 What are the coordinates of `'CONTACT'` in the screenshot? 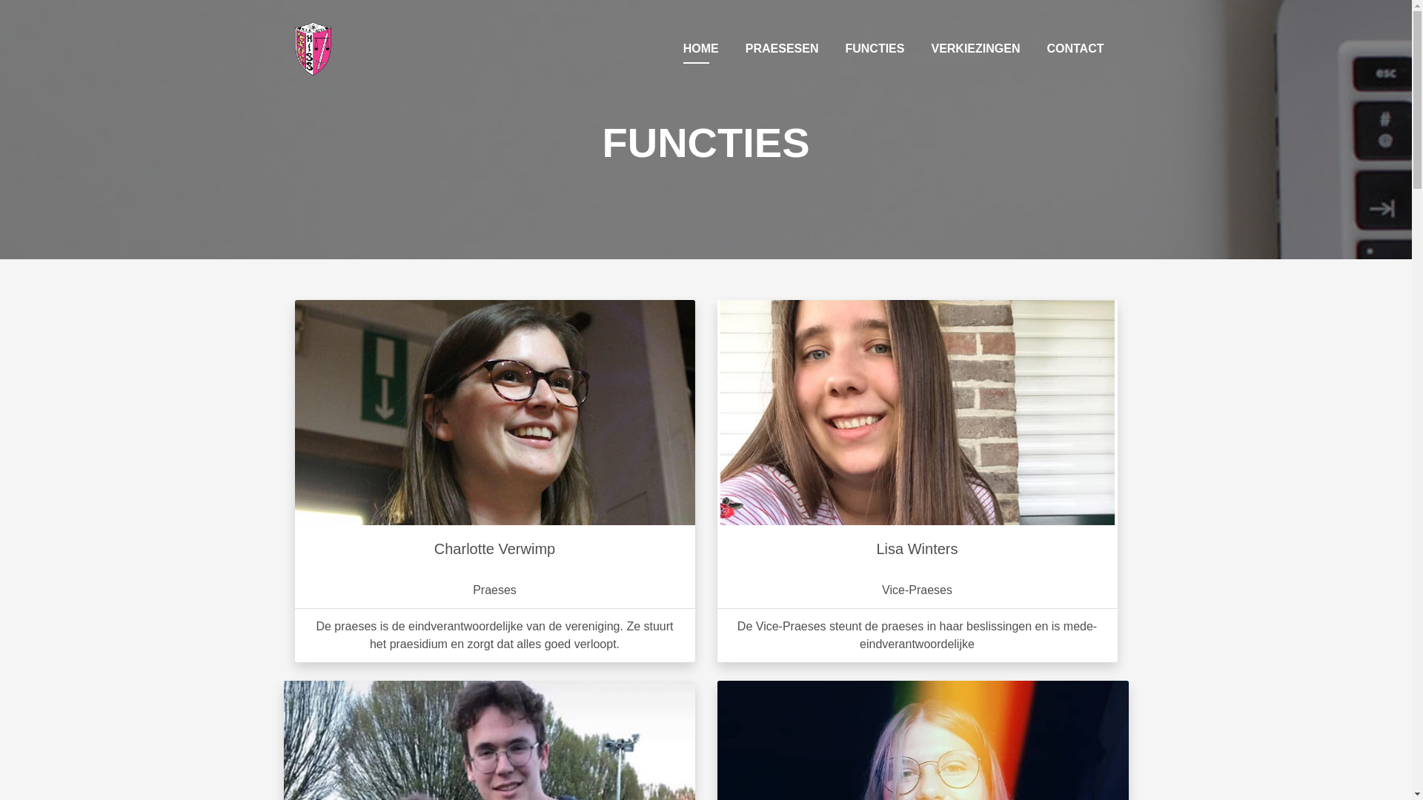 It's located at (1039, 47).